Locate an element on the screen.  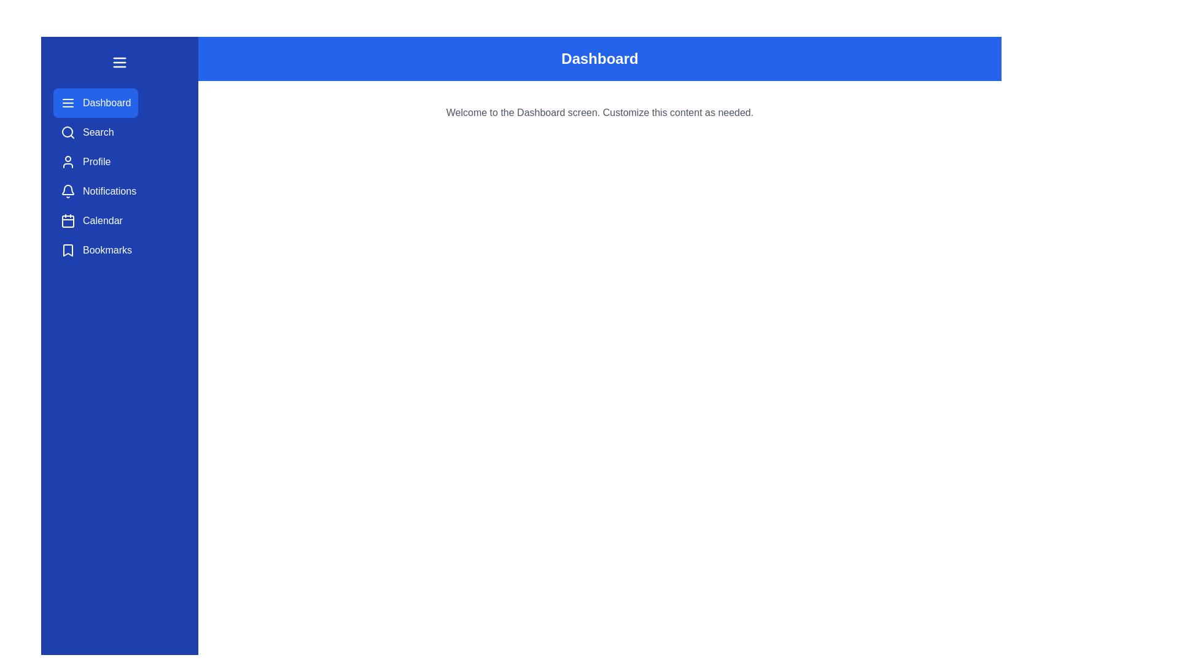
the 'Dashboard' label in the left menu panel is located at coordinates (107, 103).